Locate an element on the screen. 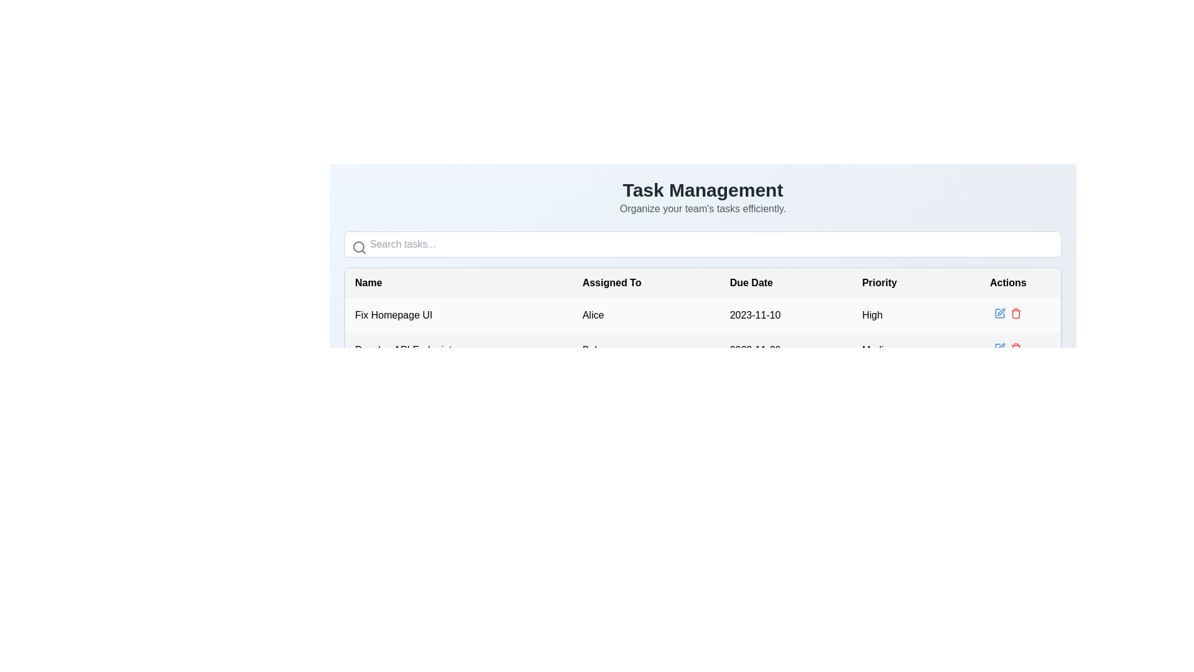  the red trash icon in the Actions column of the second row is located at coordinates (1016, 348).